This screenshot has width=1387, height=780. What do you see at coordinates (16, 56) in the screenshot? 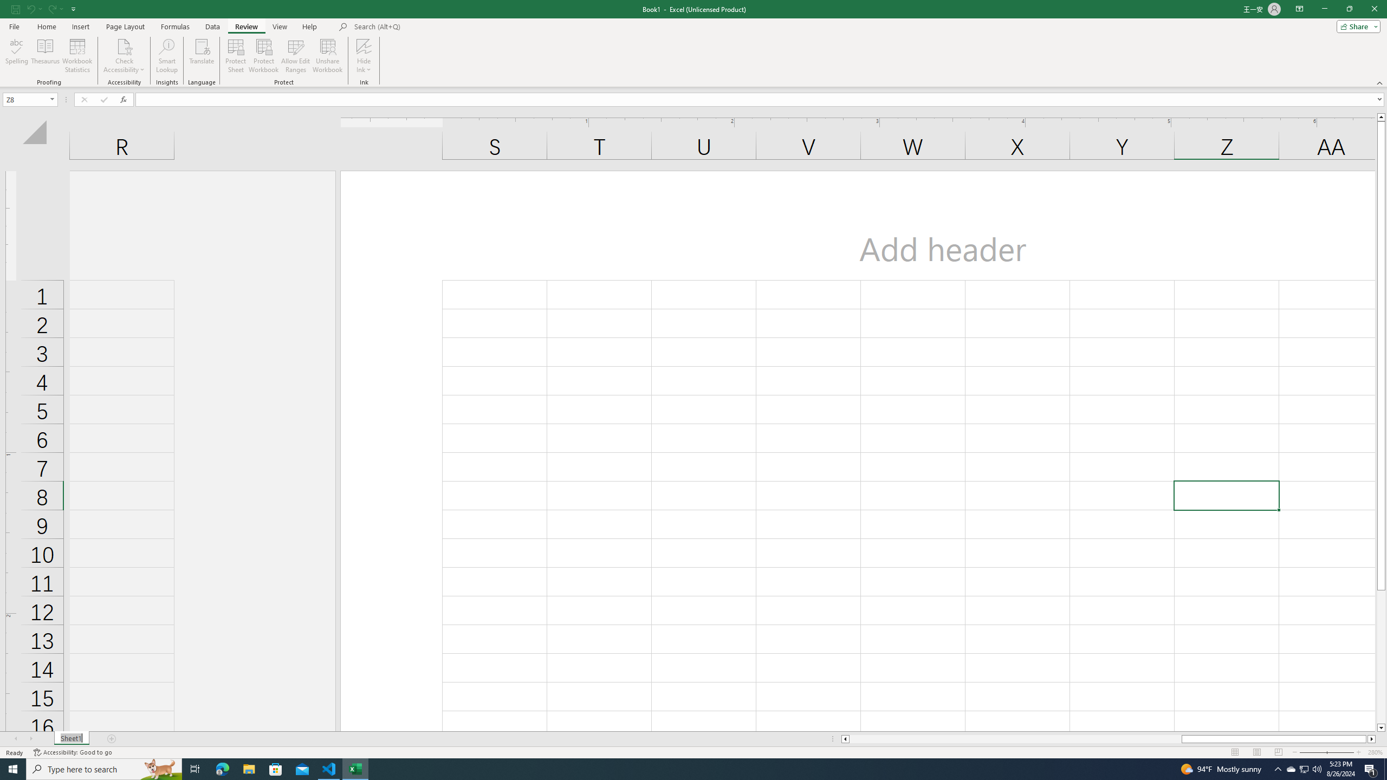
I see `'Spelling...'` at bounding box center [16, 56].